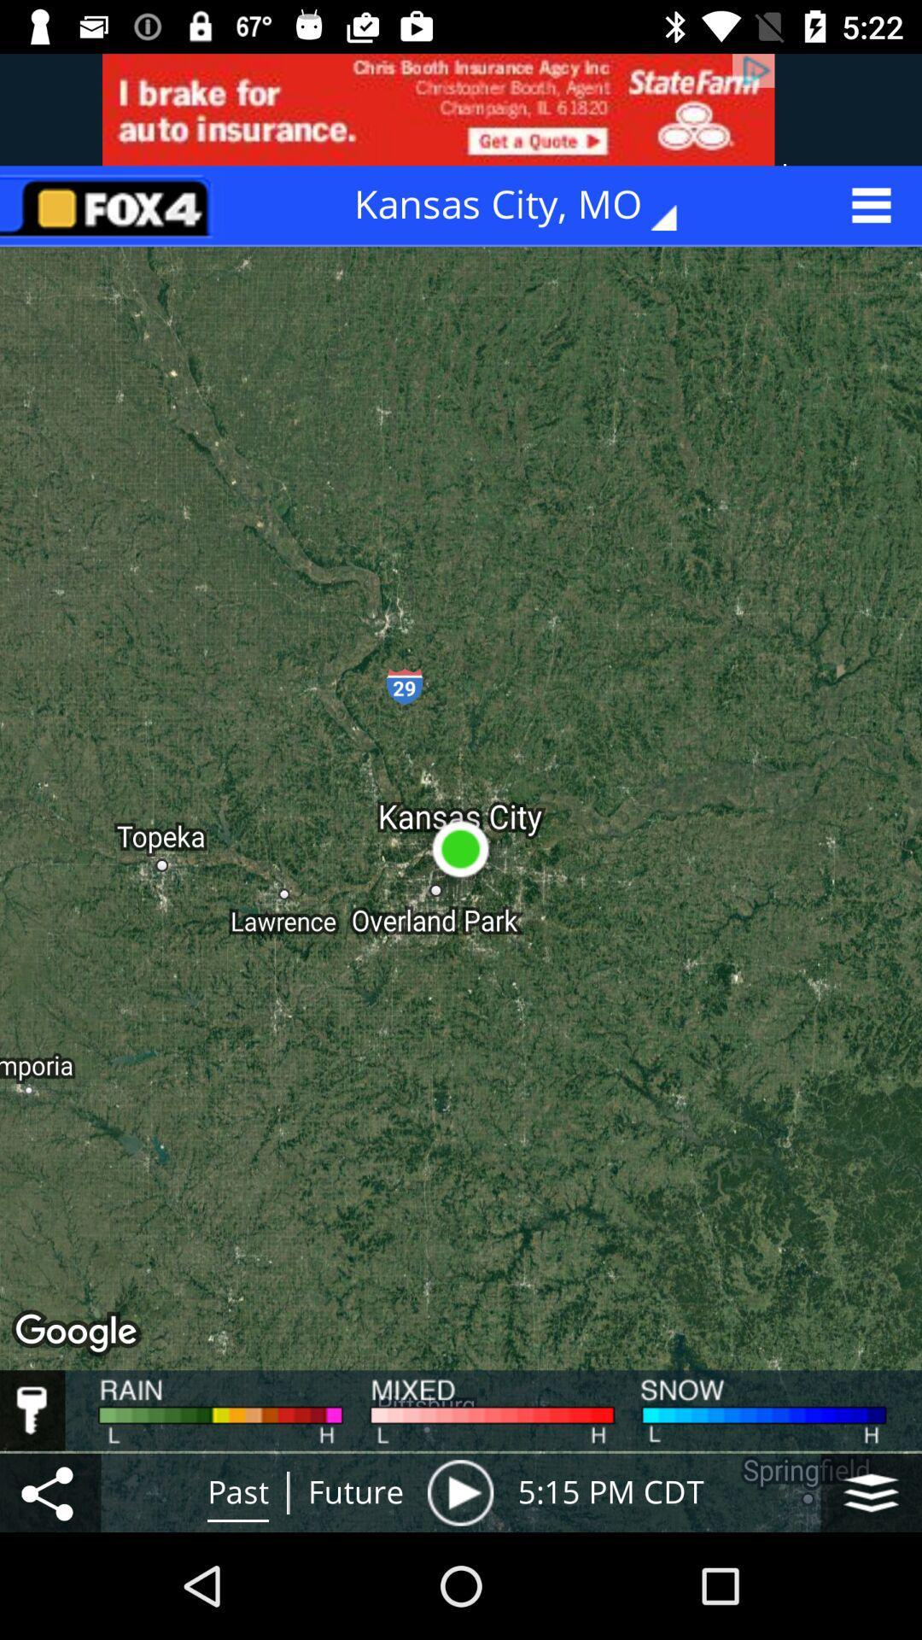  Describe the element at coordinates (32, 1410) in the screenshot. I see `lock in the options` at that location.